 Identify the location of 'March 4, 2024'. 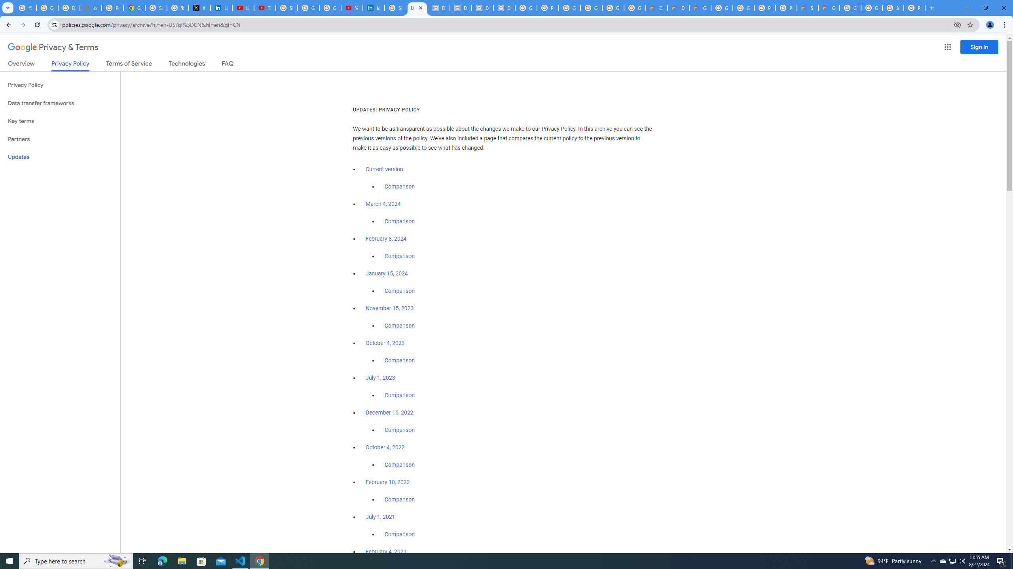
(383, 204).